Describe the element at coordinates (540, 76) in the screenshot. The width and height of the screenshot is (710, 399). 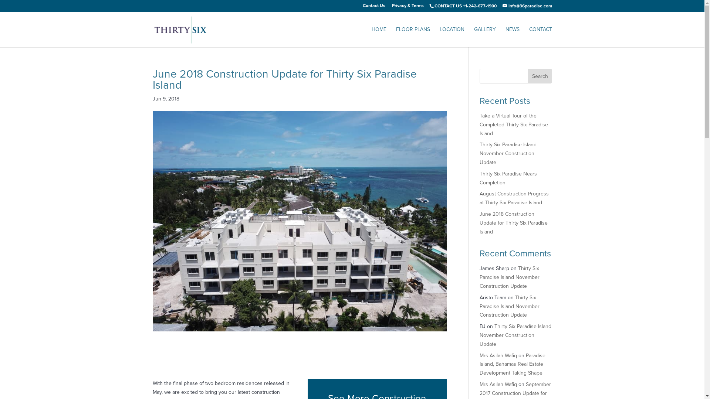
I see `'Search'` at that location.